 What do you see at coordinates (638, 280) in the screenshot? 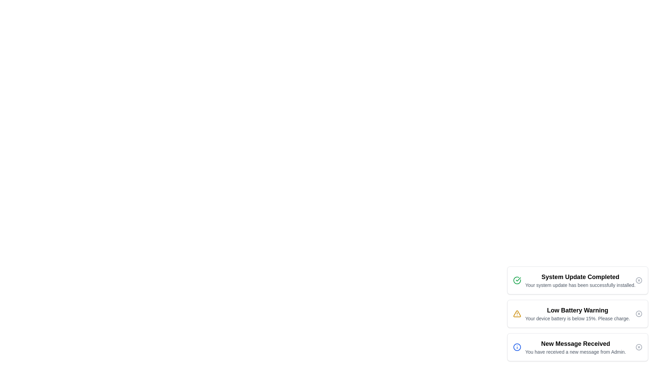
I see `the circular outline icon located at the far right of the notification labeled 'System Update Completed'` at bounding box center [638, 280].